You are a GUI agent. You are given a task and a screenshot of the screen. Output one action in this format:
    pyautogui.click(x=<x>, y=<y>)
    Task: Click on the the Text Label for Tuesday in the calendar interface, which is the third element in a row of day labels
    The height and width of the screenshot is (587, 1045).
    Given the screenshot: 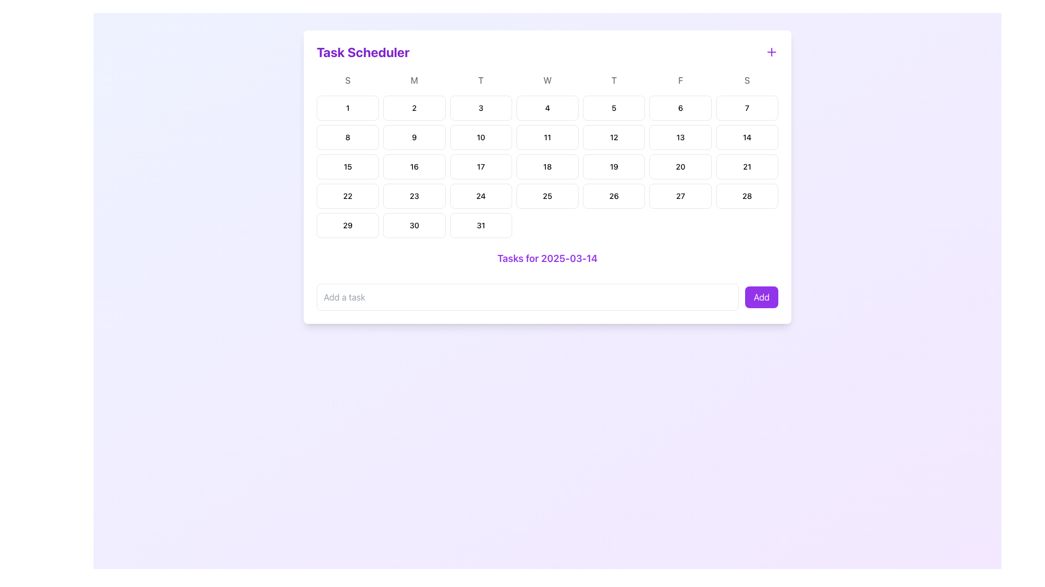 What is the action you would take?
    pyautogui.click(x=480, y=79)
    